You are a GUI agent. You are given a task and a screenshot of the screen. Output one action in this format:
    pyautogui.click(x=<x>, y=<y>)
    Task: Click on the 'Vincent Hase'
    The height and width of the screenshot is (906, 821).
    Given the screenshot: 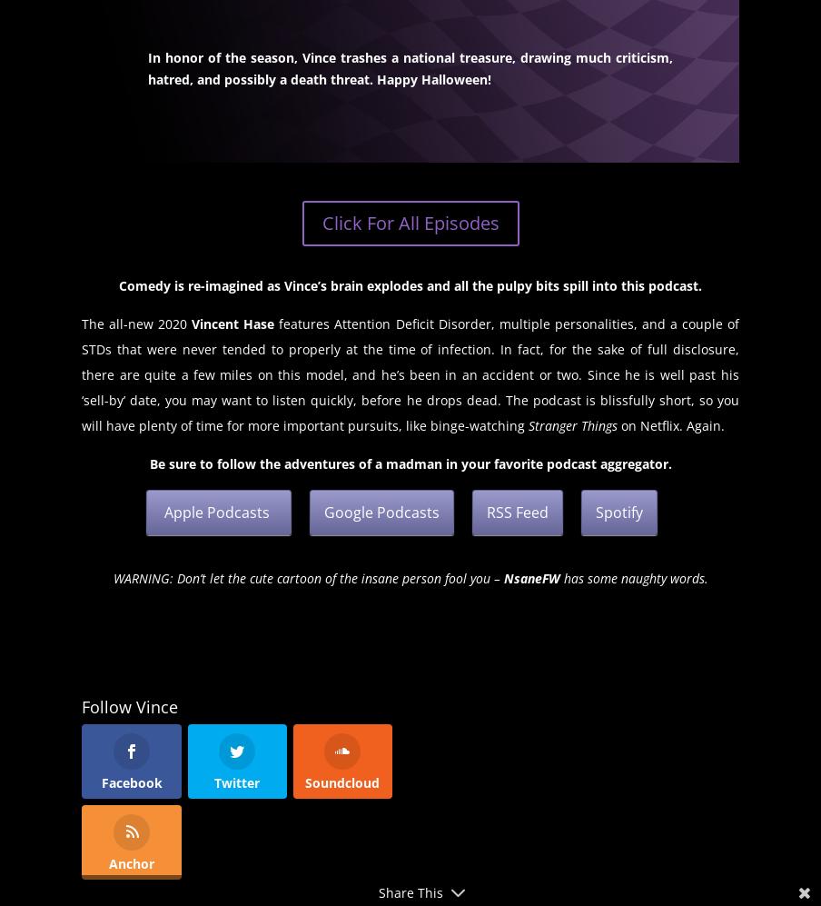 What is the action you would take?
    pyautogui.click(x=230, y=323)
    